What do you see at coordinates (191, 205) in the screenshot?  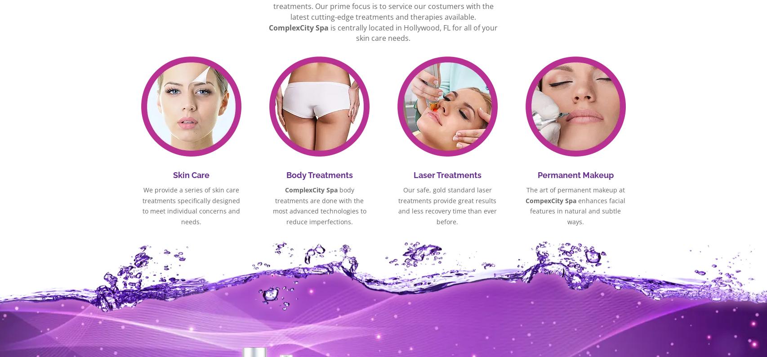 I see `'We provide a series of skin care treatments specifically designed to meet individual concerns and needs.'` at bounding box center [191, 205].